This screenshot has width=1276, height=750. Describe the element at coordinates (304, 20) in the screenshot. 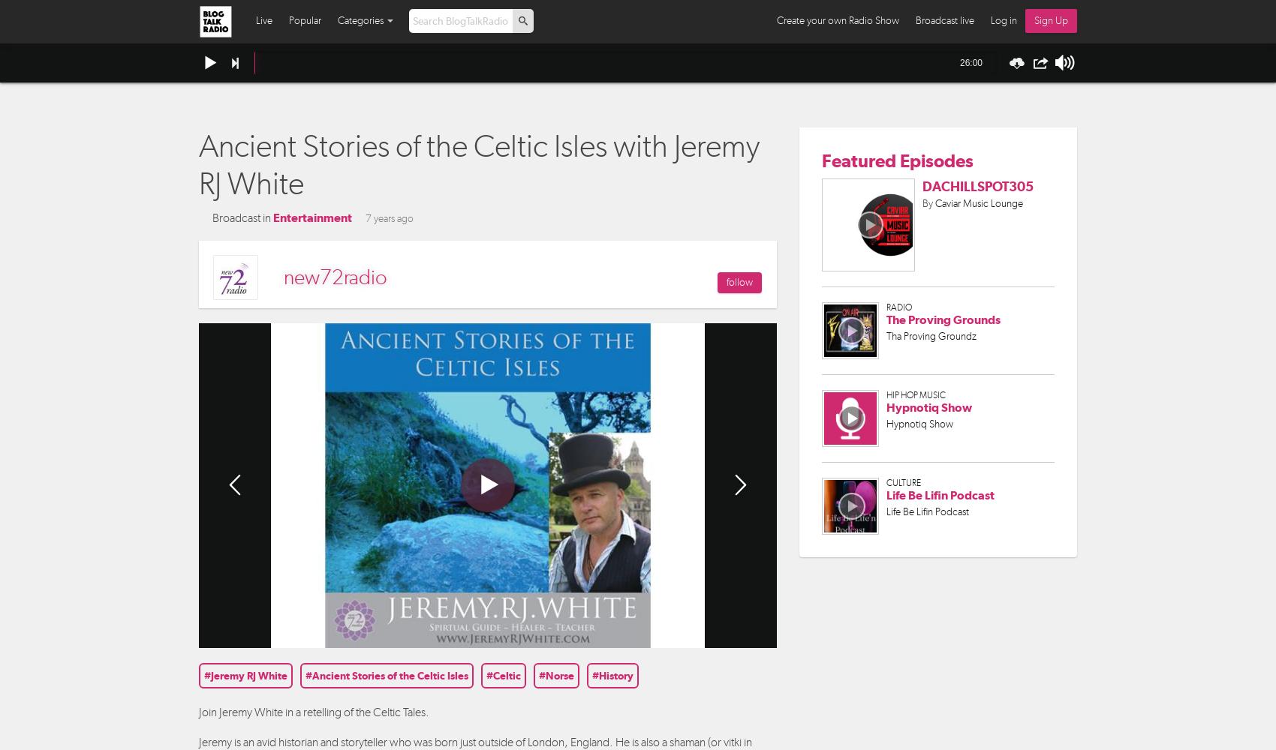

I see `'Popular'` at that location.